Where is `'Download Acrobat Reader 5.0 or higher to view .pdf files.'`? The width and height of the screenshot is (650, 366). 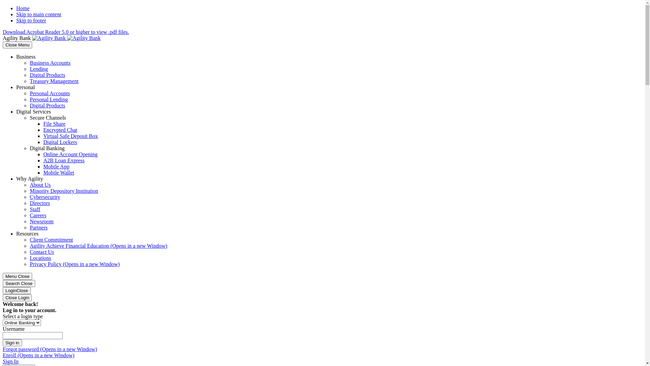
'Download Acrobat Reader 5.0 or higher to view .pdf files.' is located at coordinates (3, 32).